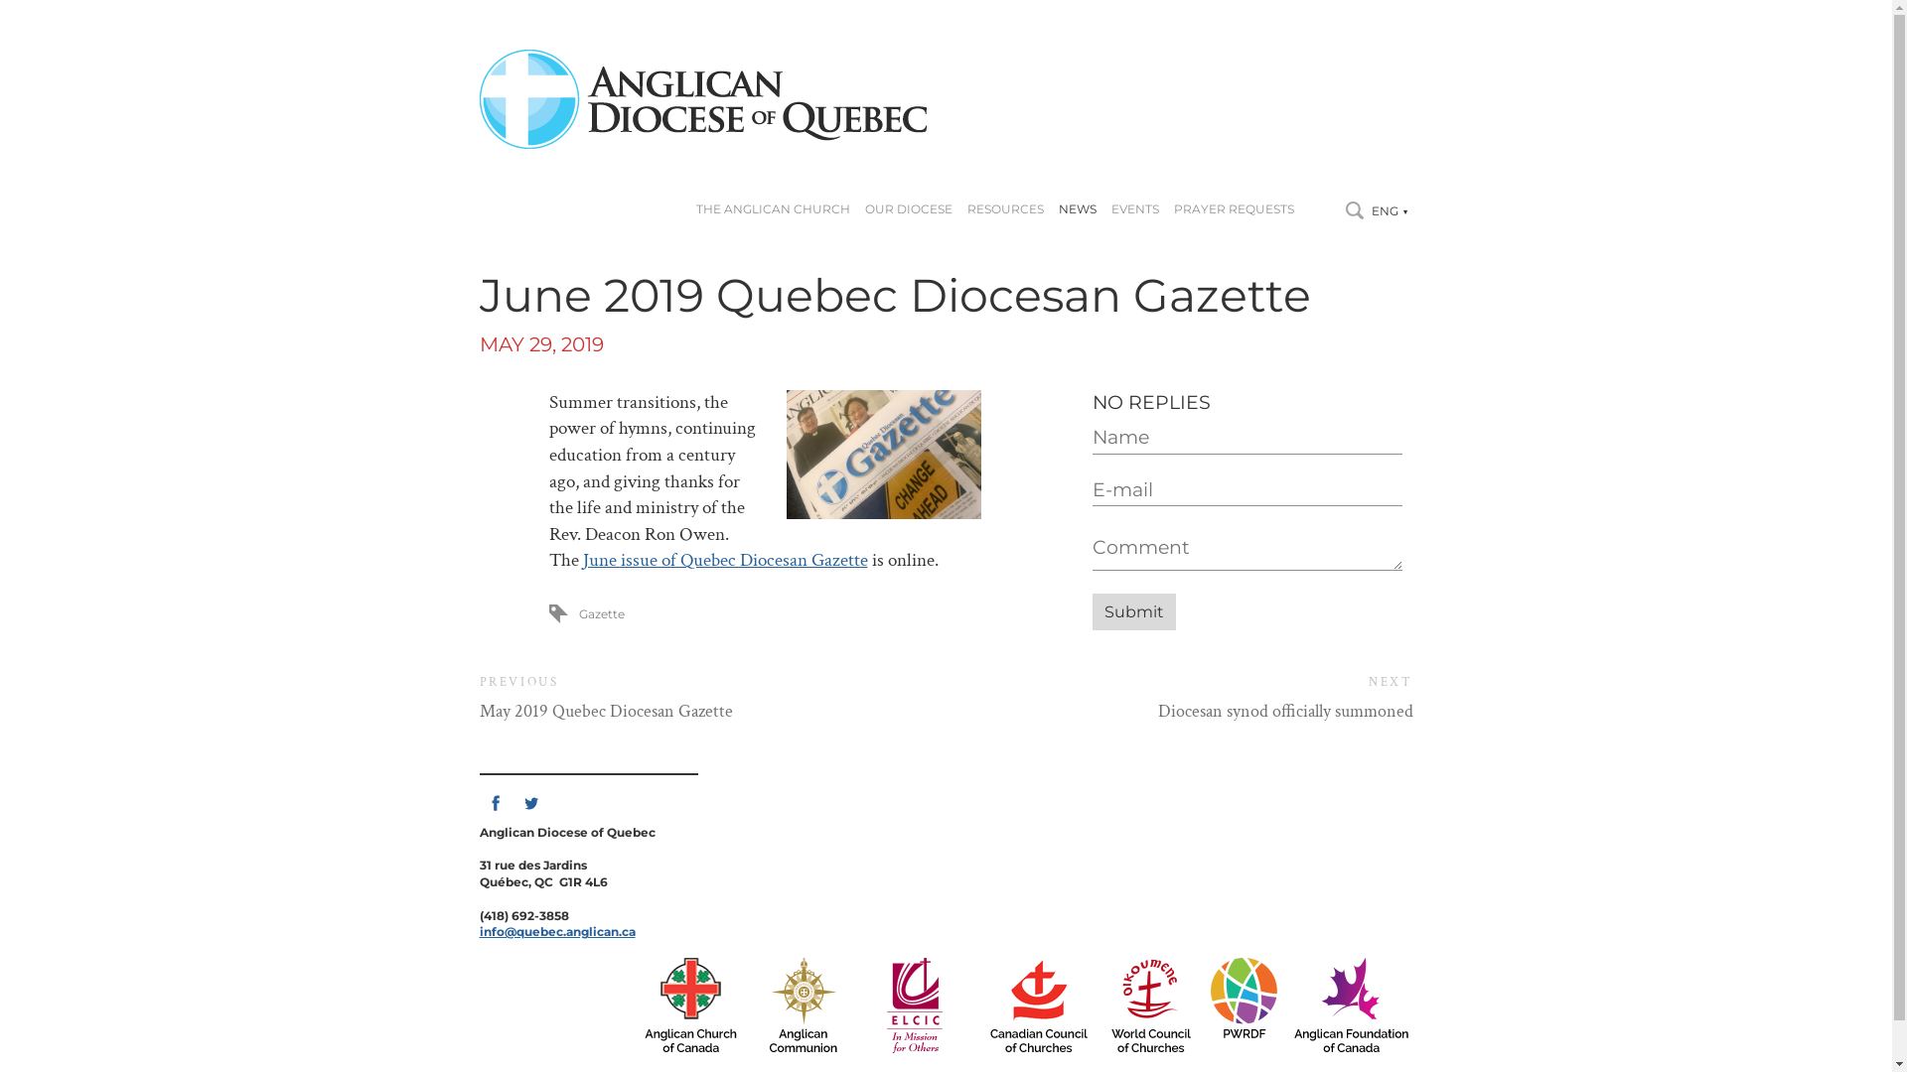  Describe the element at coordinates (1076, 209) in the screenshot. I see `'NEWS'` at that location.